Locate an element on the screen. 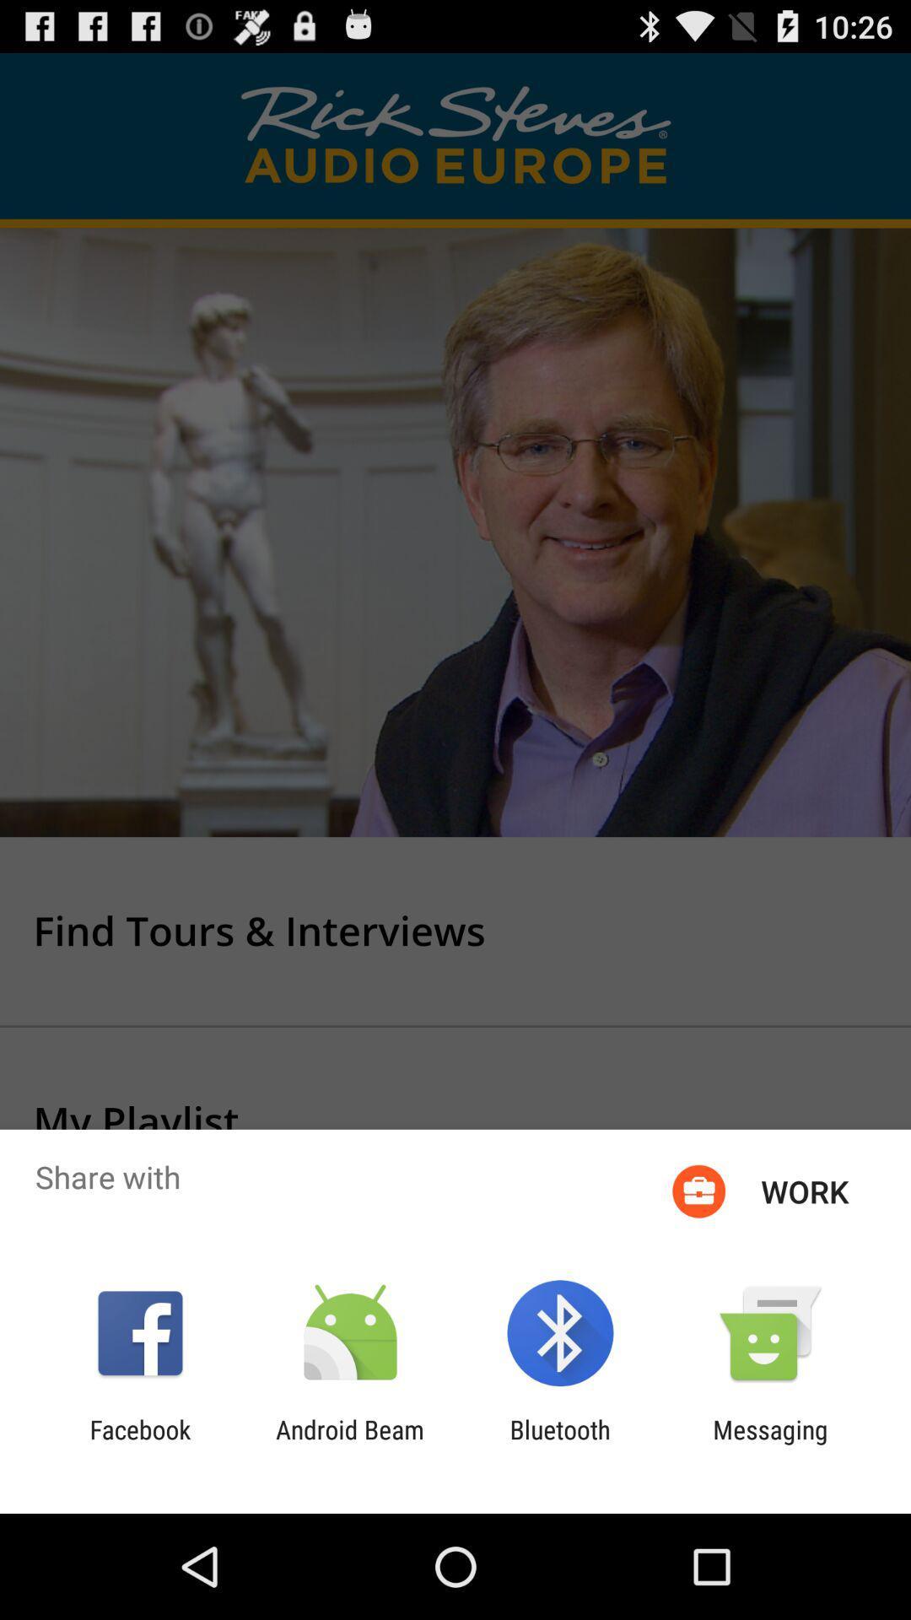 This screenshot has width=911, height=1620. messaging is located at coordinates (770, 1444).